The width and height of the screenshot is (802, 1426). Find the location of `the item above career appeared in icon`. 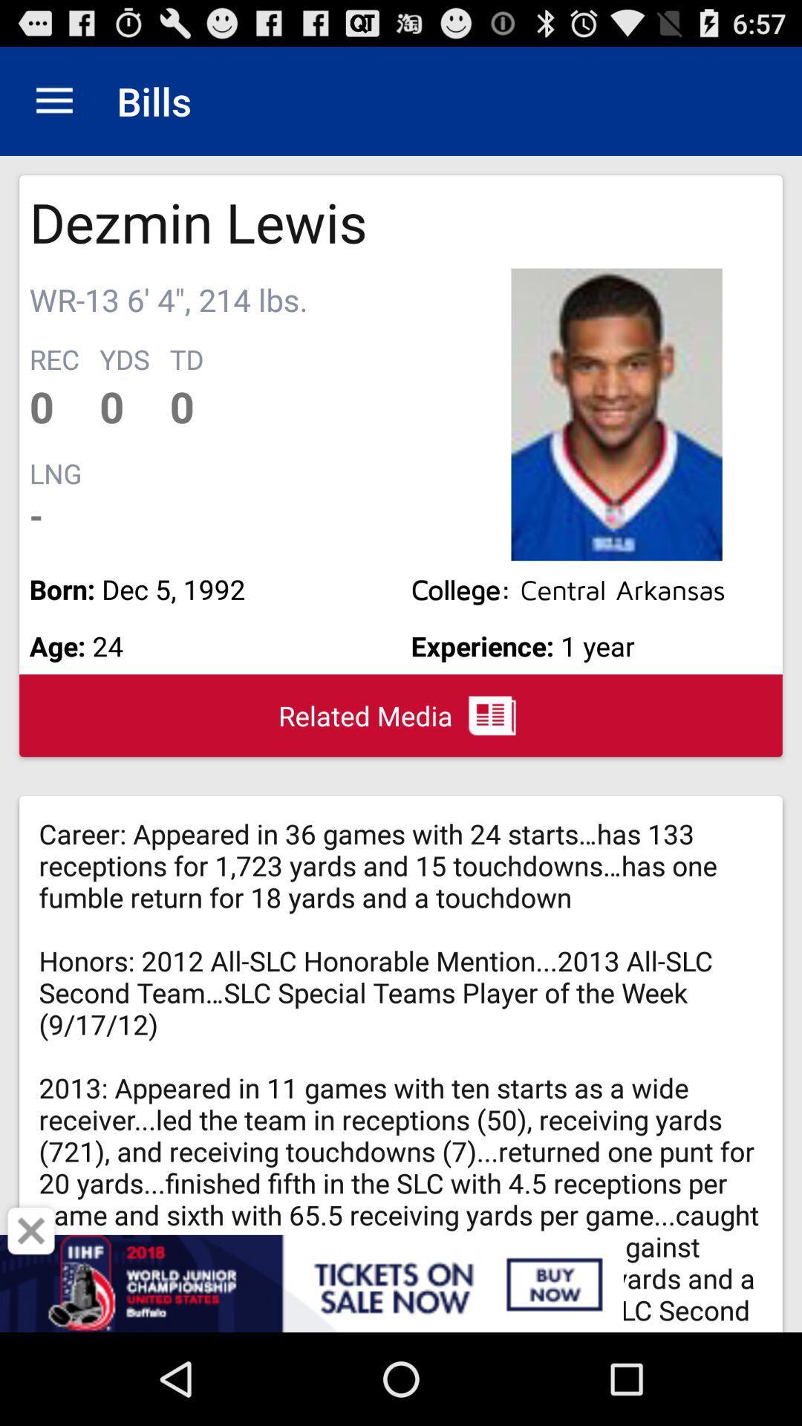

the item above career appeared in icon is located at coordinates (401, 715).